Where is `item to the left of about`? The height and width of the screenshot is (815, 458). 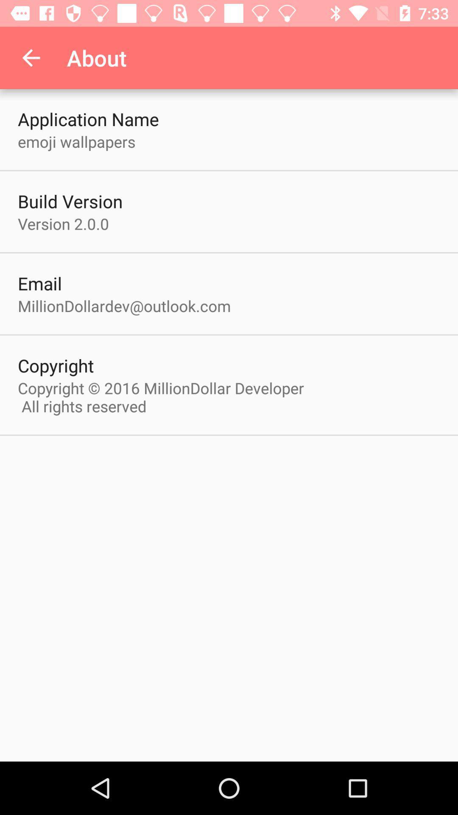 item to the left of about is located at coordinates (31, 57).